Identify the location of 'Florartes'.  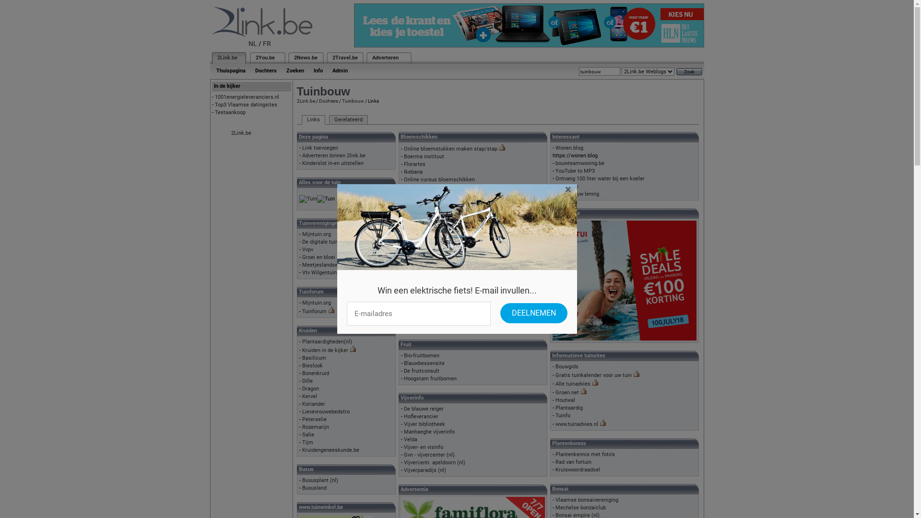
(414, 164).